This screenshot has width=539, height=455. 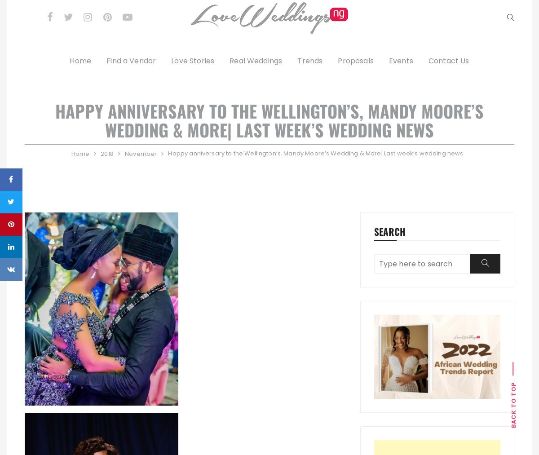 What do you see at coordinates (388, 61) in the screenshot?
I see `'Events'` at bounding box center [388, 61].